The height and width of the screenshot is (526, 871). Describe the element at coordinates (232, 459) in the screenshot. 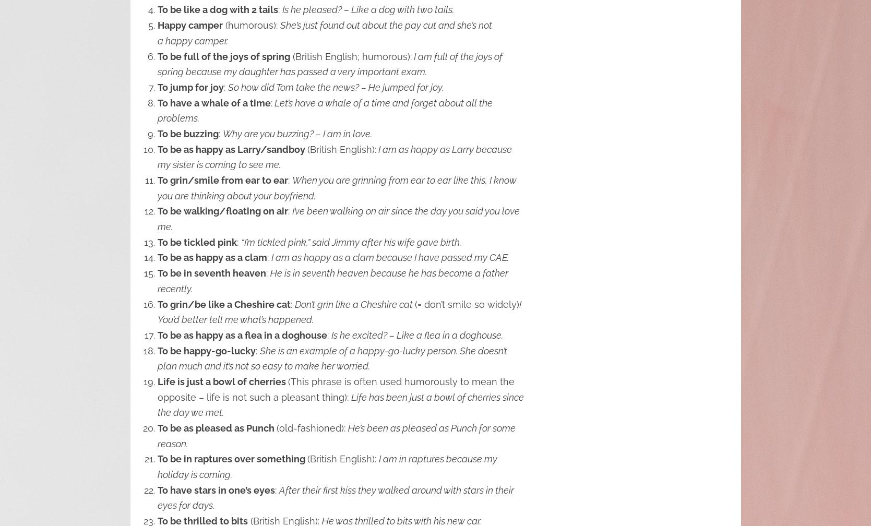

I see `'To be in raptures over something'` at that location.